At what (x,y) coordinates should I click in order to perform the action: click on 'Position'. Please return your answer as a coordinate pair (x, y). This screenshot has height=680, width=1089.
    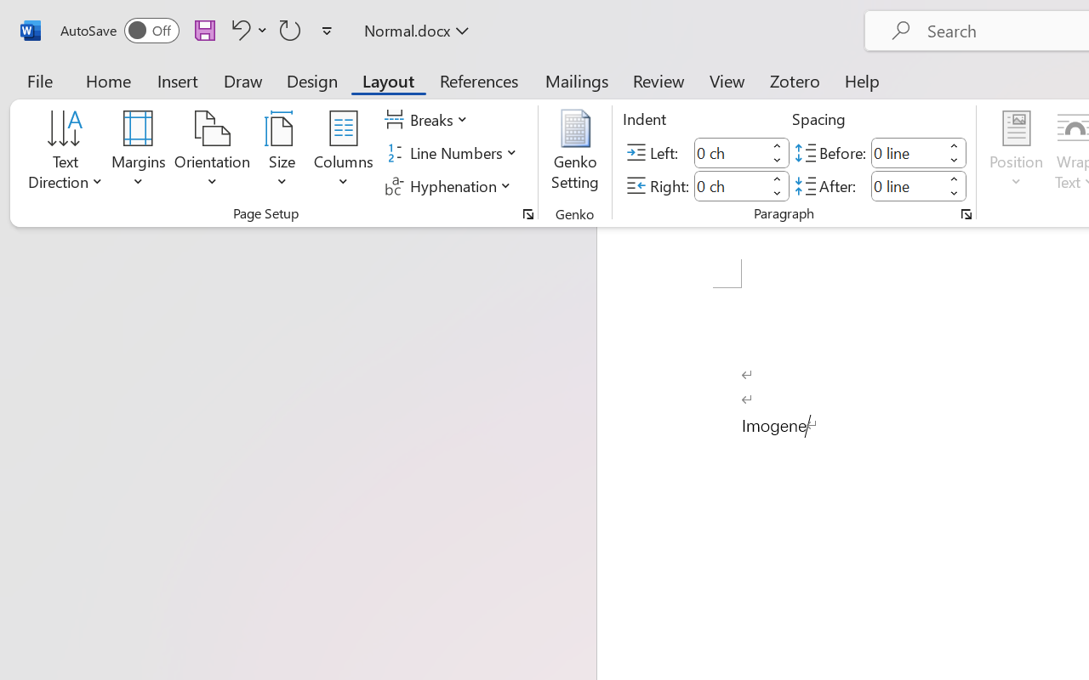
    Looking at the image, I should click on (1016, 152).